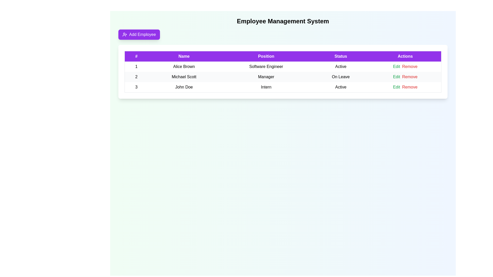 This screenshot has height=277, width=493. What do you see at coordinates (410, 66) in the screenshot?
I see `the action link` at bounding box center [410, 66].